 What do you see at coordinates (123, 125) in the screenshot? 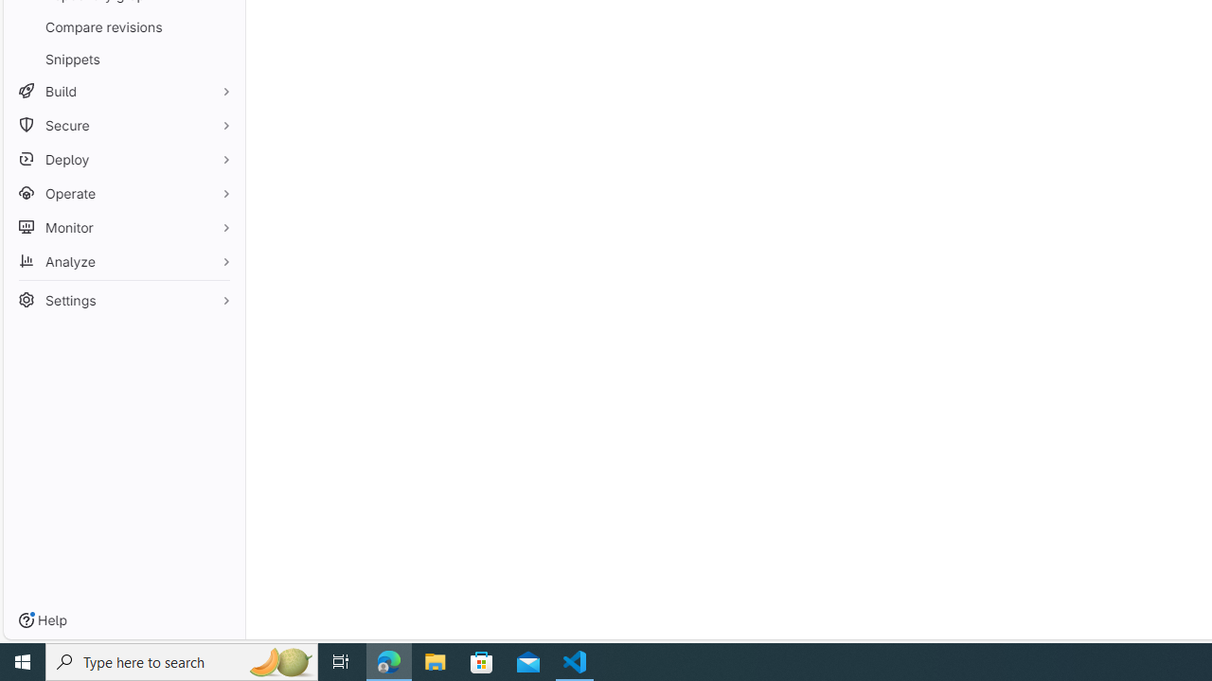
I see `'Secure'` at bounding box center [123, 125].